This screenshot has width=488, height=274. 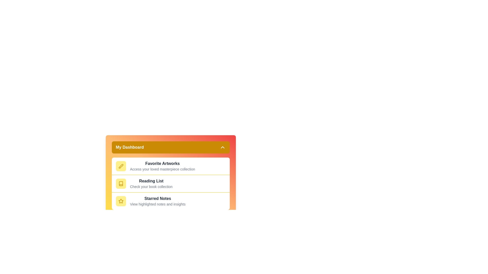 What do you see at coordinates (157, 201) in the screenshot?
I see `the 'Starred Notes' text element which is the third option in the menu under 'My Dashboard', displaying the title in bold dark text and a description in lighter gray text` at bounding box center [157, 201].